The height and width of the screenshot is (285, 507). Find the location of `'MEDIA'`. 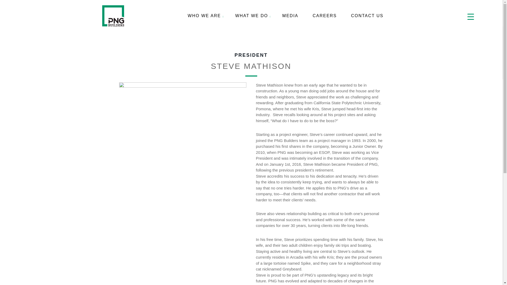

'MEDIA' is located at coordinates (290, 16).